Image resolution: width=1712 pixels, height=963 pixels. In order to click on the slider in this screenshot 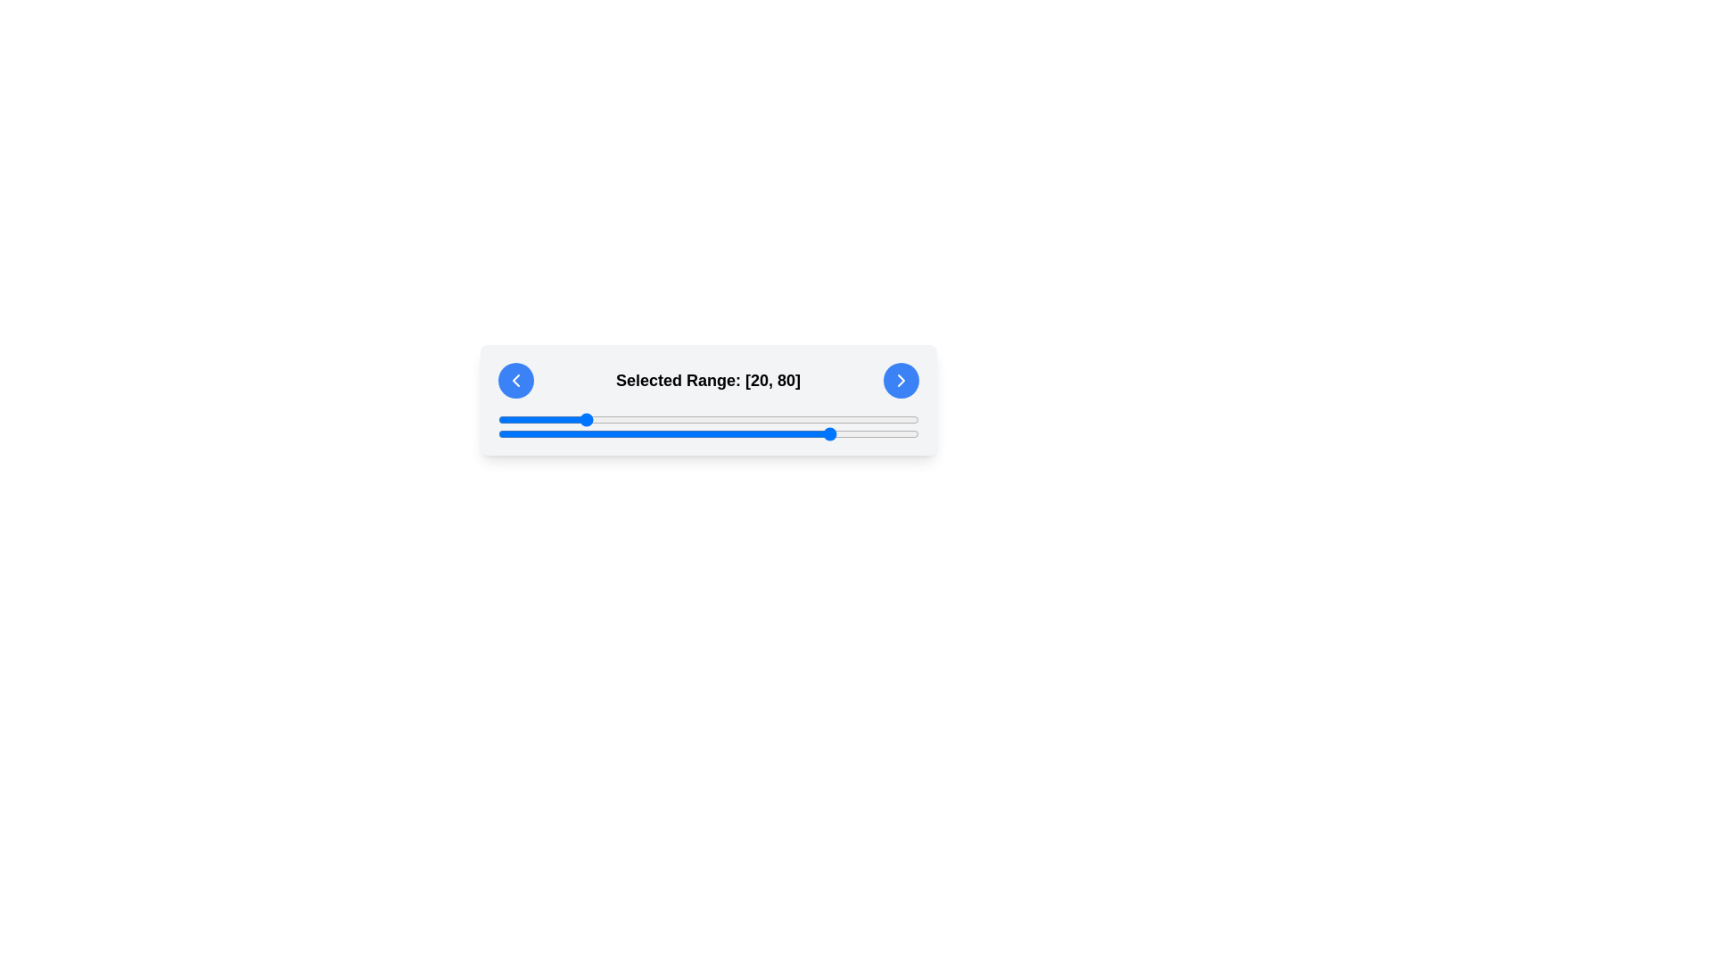, I will do `click(820, 433)`.